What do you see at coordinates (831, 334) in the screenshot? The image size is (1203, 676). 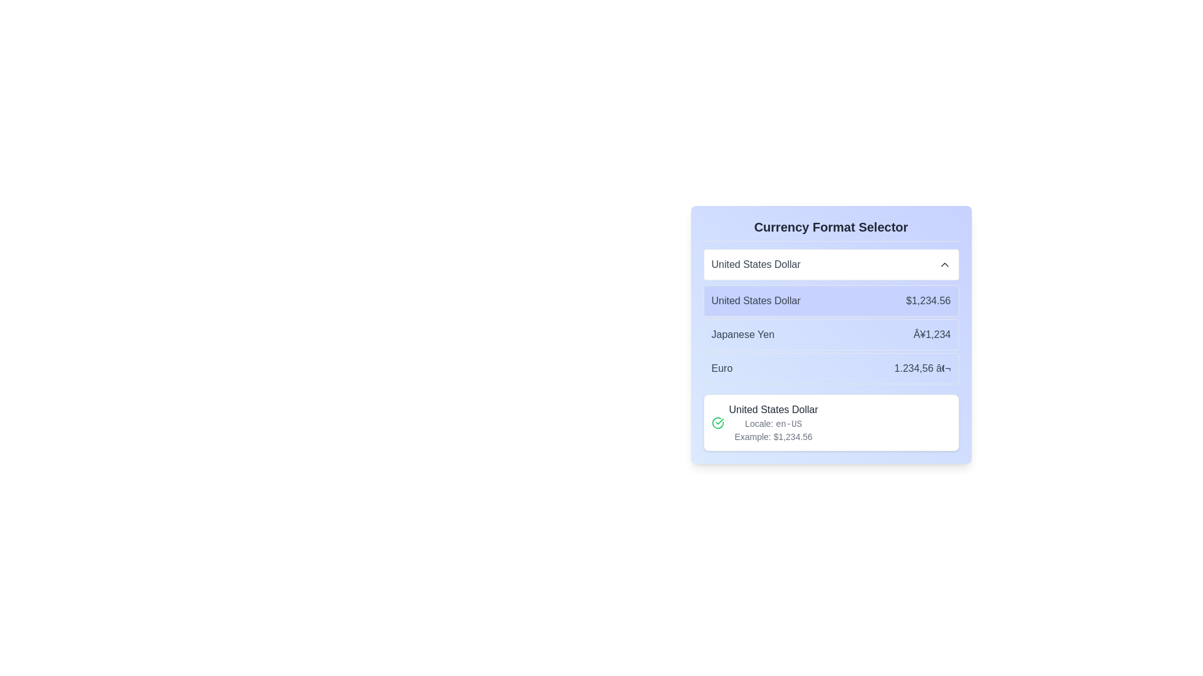 I see `the second item in the dropdown menu` at bounding box center [831, 334].